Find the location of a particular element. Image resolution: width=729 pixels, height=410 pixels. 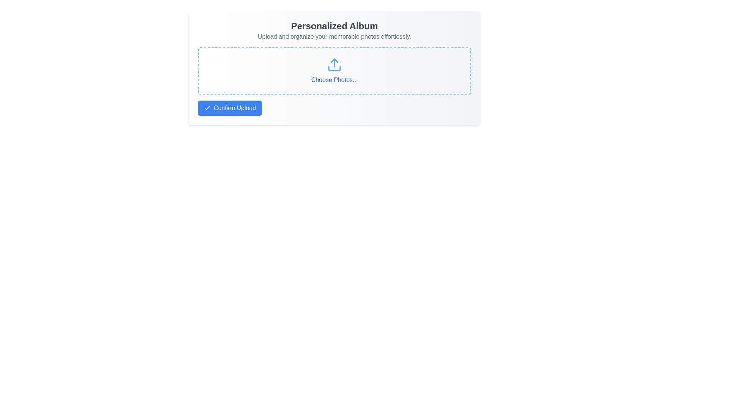

the 'Confirm Upload' button, which has a blue background and a checkmark icon is located at coordinates (229, 108).